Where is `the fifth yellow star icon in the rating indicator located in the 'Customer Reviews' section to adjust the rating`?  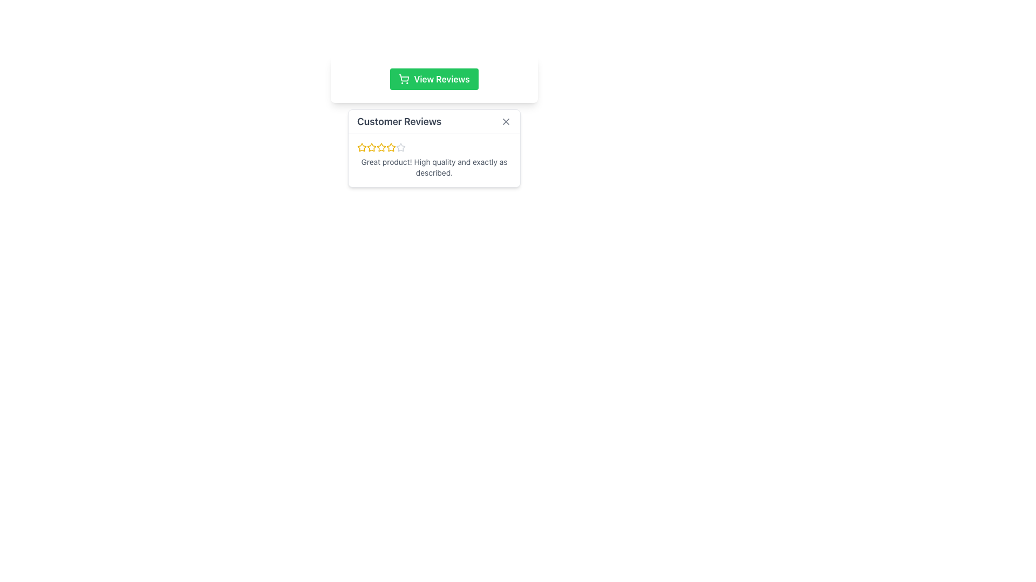 the fifth yellow star icon in the rating indicator located in the 'Customer Reviews' section to adjust the rating is located at coordinates (381, 147).